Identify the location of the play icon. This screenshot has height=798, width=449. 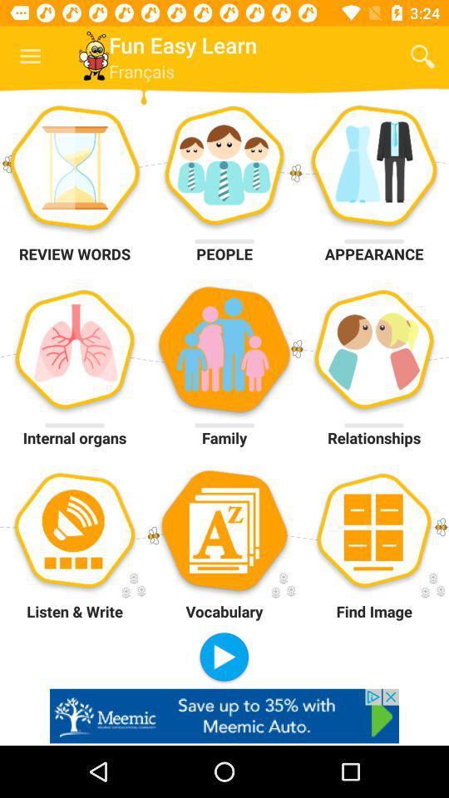
(224, 658).